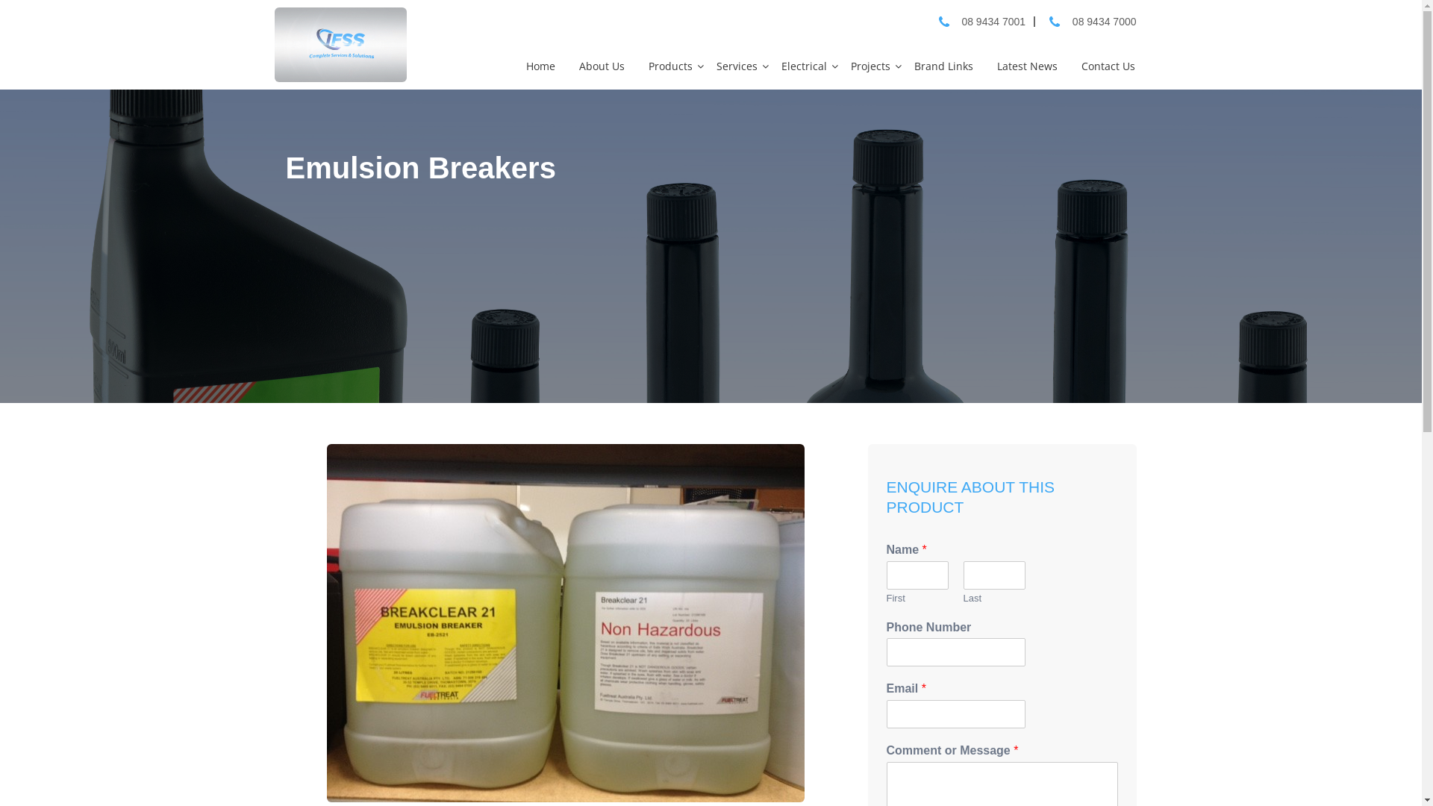 The image size is (1433, 806). What do you see at coordinates (637, 65) in the screenshot?
I see `'Products'` at bounding box center [637, 65].